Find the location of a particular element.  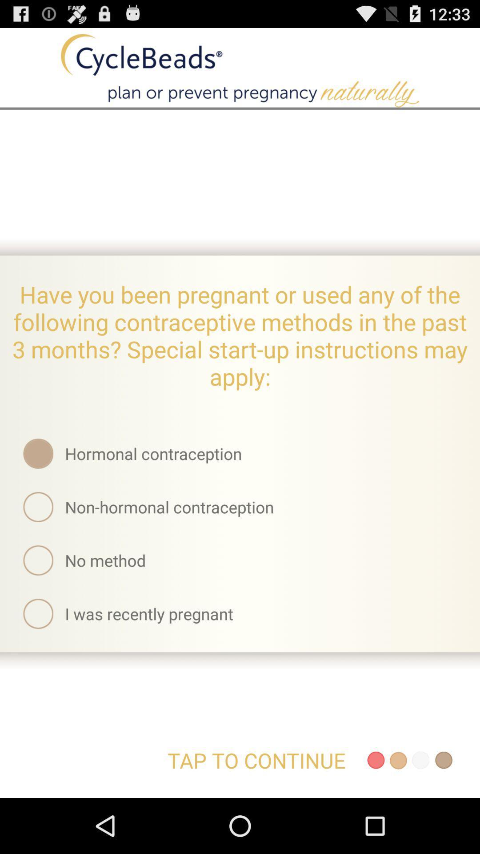

the circle below no method is located at coordinates (38, 613).